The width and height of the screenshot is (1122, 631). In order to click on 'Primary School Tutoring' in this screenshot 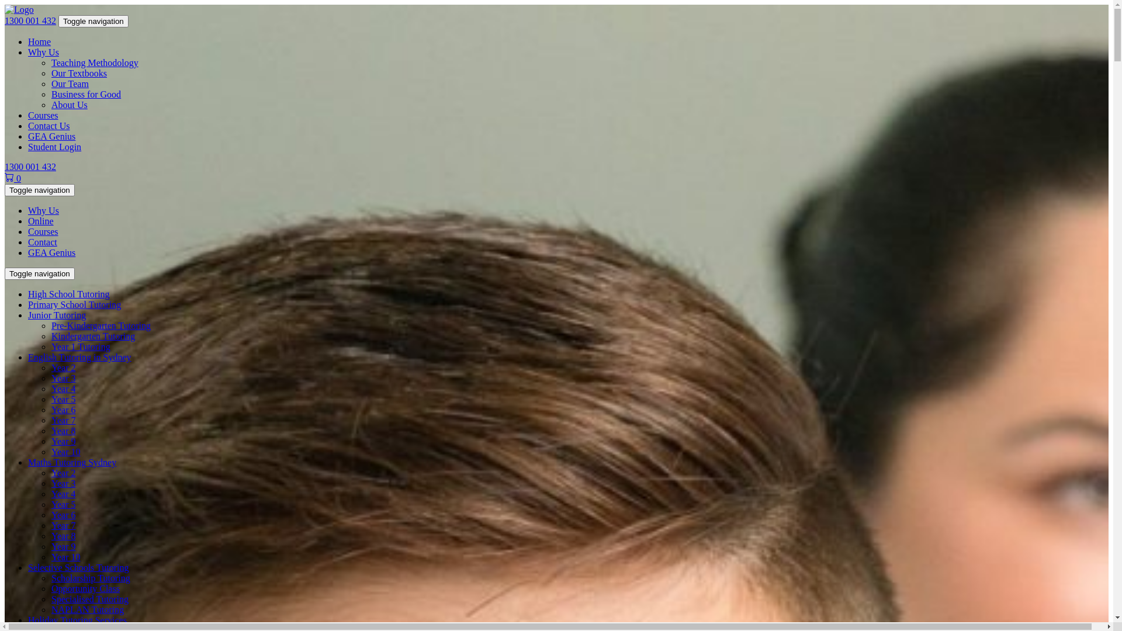, I will do `click(74, 304)`.